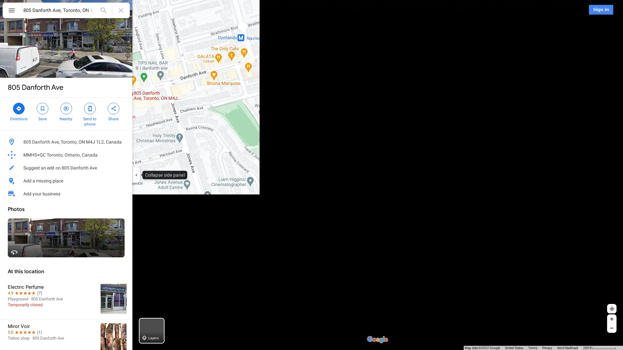 This screenshot has height=350, width=623. What do you see at coordinates (11, 11) in the screenshot?
I see `Menu` at bounding box center [11, 11].